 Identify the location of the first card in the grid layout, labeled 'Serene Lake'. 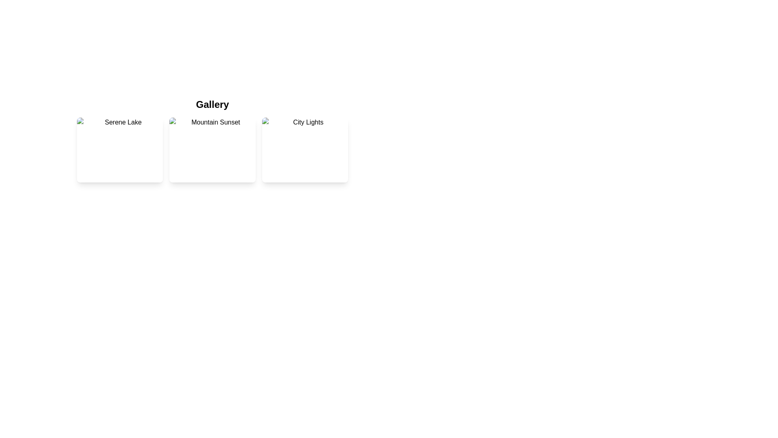
(120, 150).